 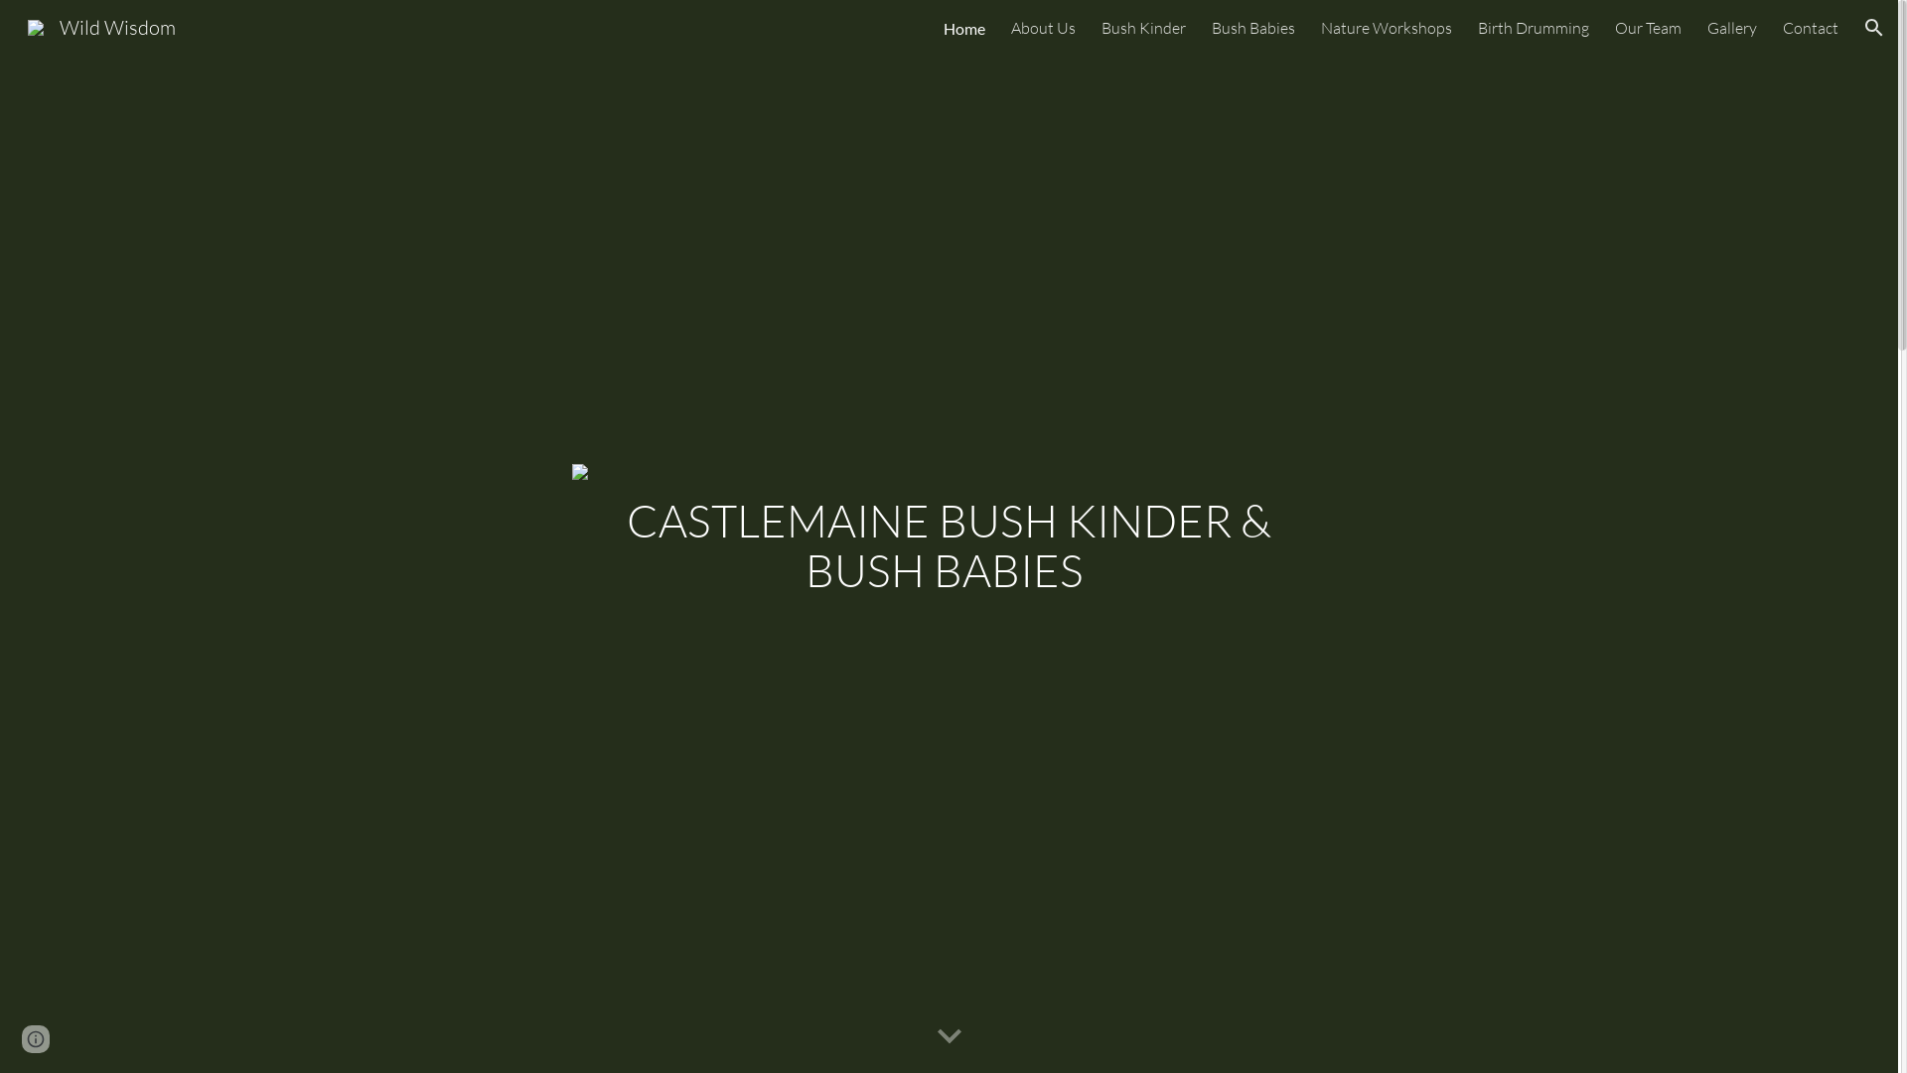 I want to click on 'Gallery', so click(x=1730, y=27).